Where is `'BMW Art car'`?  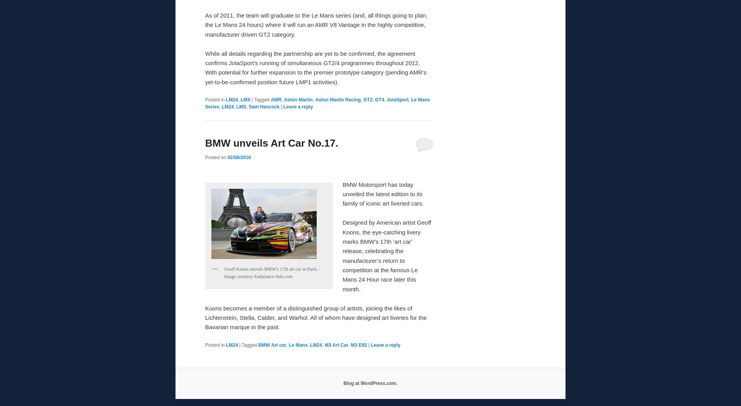 'BMW Art car' is located at coordinates (272, 344).